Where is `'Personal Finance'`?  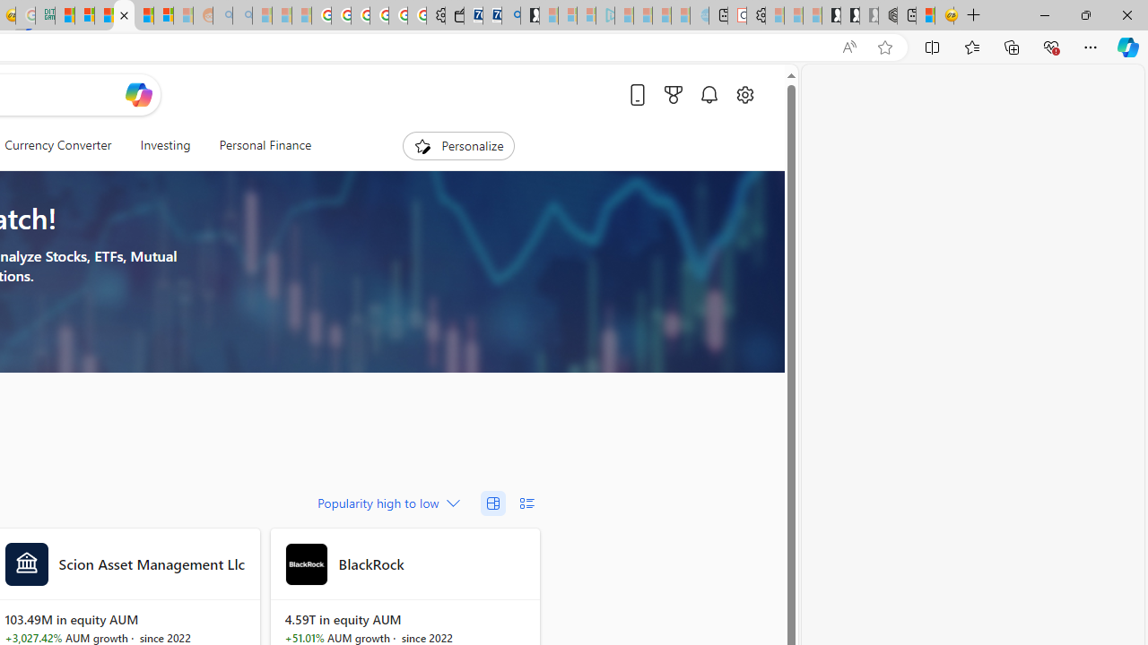
'Personal Finance' is located at coordinates (265, 145).